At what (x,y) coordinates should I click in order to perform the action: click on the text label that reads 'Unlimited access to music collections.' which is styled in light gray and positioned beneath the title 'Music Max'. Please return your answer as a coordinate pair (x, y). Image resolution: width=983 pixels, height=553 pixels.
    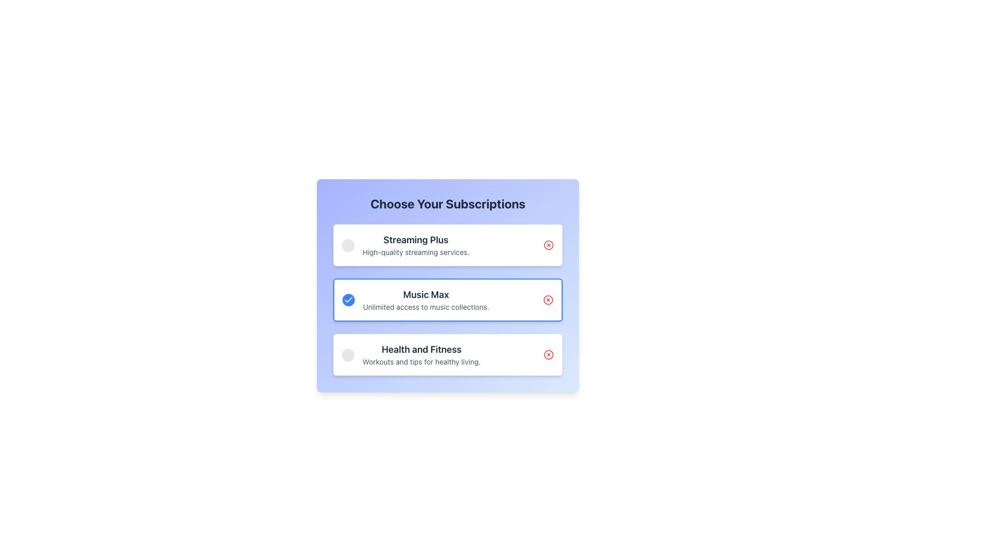
    Looking at the image, I should click on (426, 307).